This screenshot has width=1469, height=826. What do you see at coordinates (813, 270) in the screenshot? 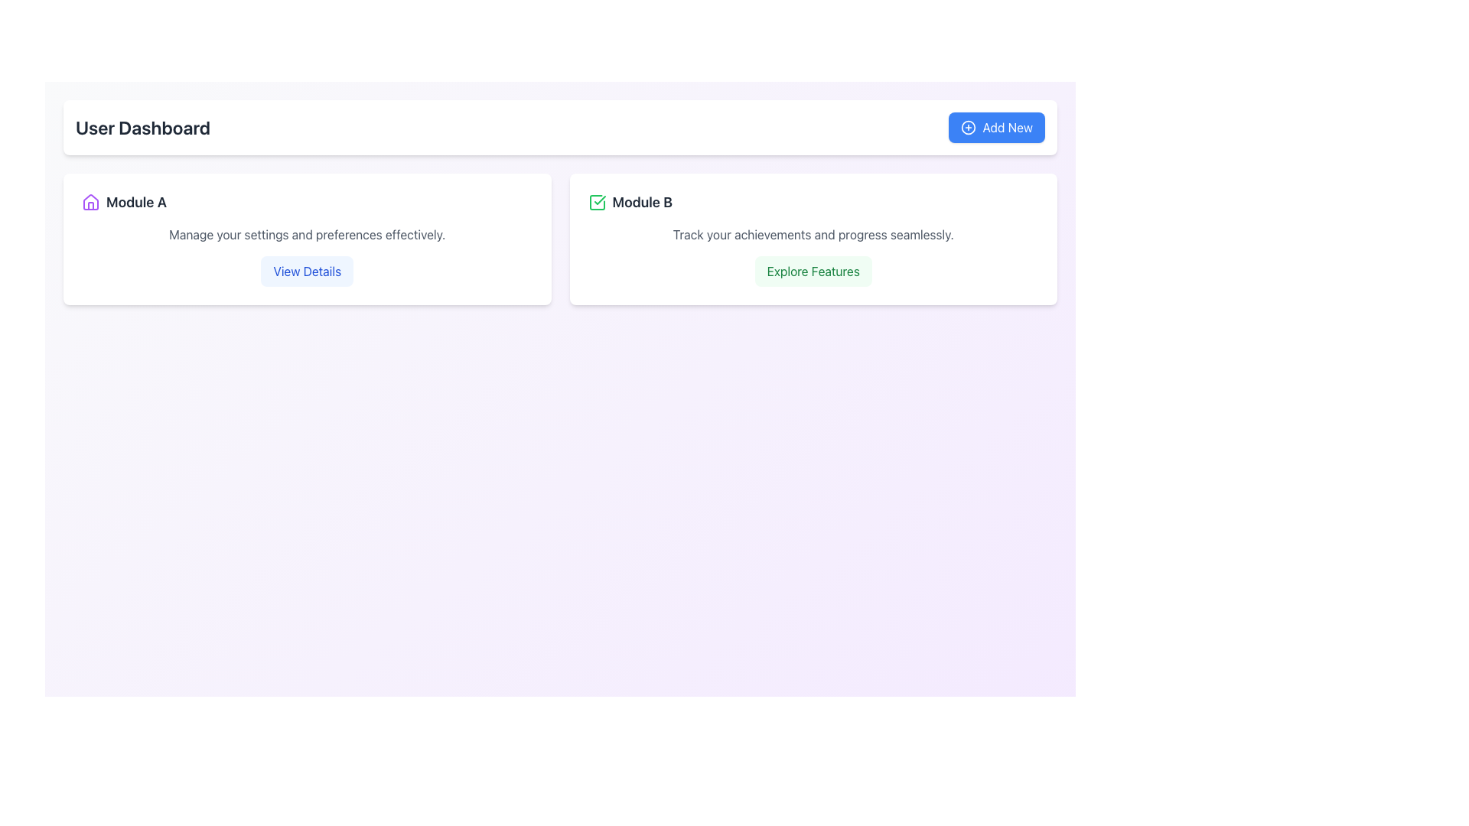
I see `the 'Explore Features' button, which is a green rectangular button with rounded corners located at the bottom-right corner of 'Module B', beneath the text 'Track your achievements and progress seamlessly'` at bounding box center [813, 270].